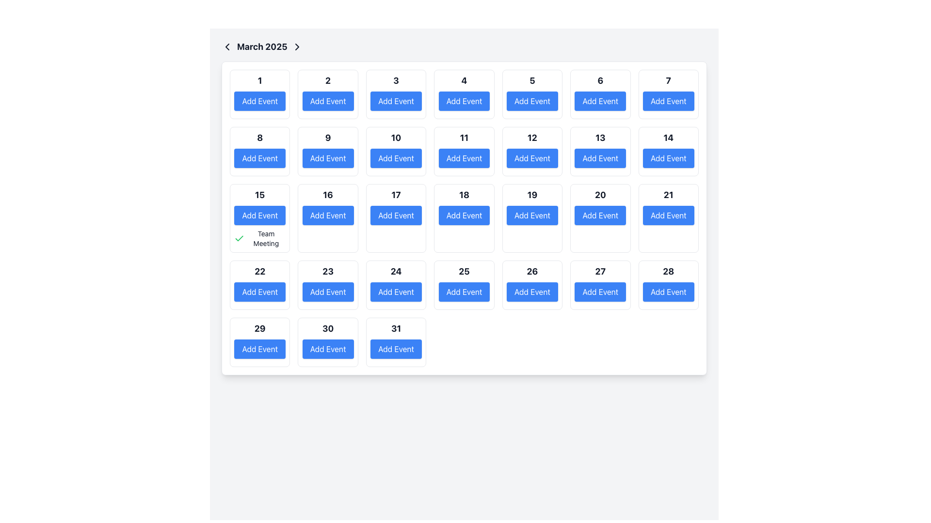  Describe the element at coordinates (260, 158) in the screenshot. I see `keyboard navigation` at that location.